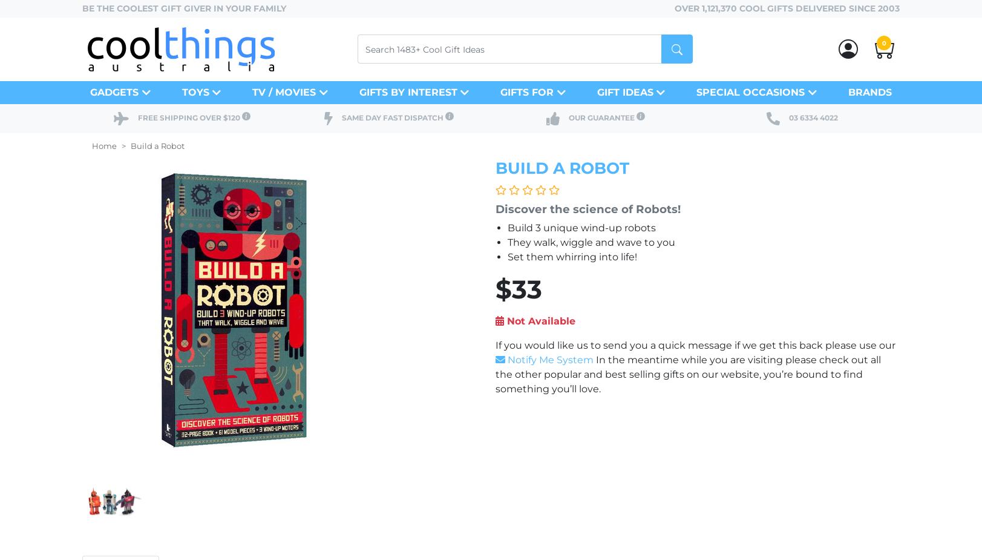 The height and width of the screenshot is (560, 982). Describe the element at coordinates (576, 116) in the screenshot. I see `'Our'` at that location.